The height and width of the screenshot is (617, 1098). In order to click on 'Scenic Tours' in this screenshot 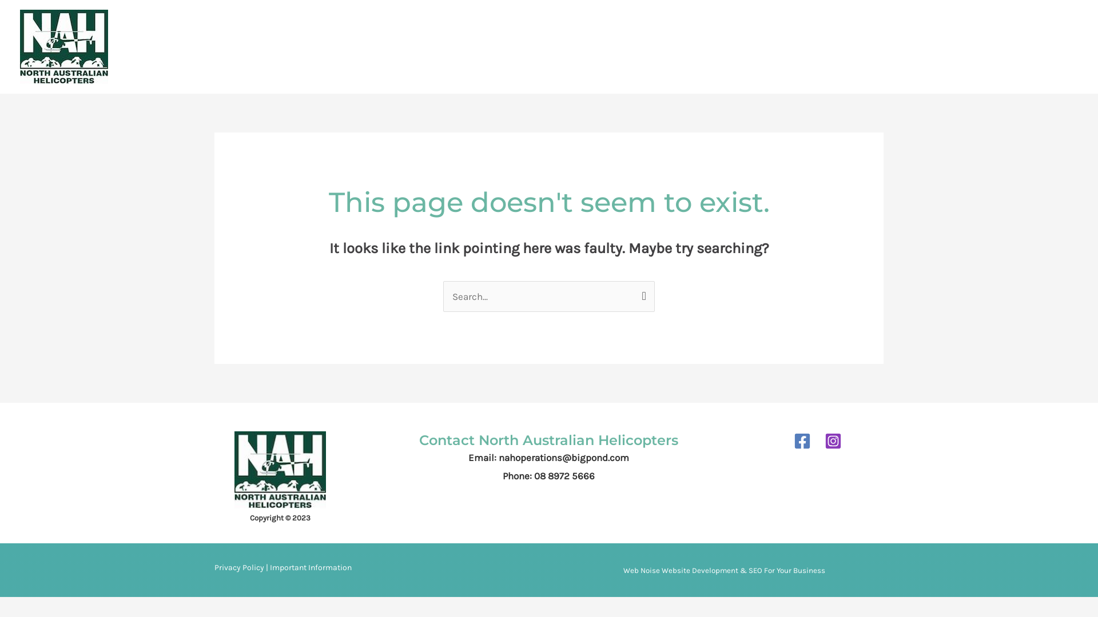, I will do `click(667, 46)`.